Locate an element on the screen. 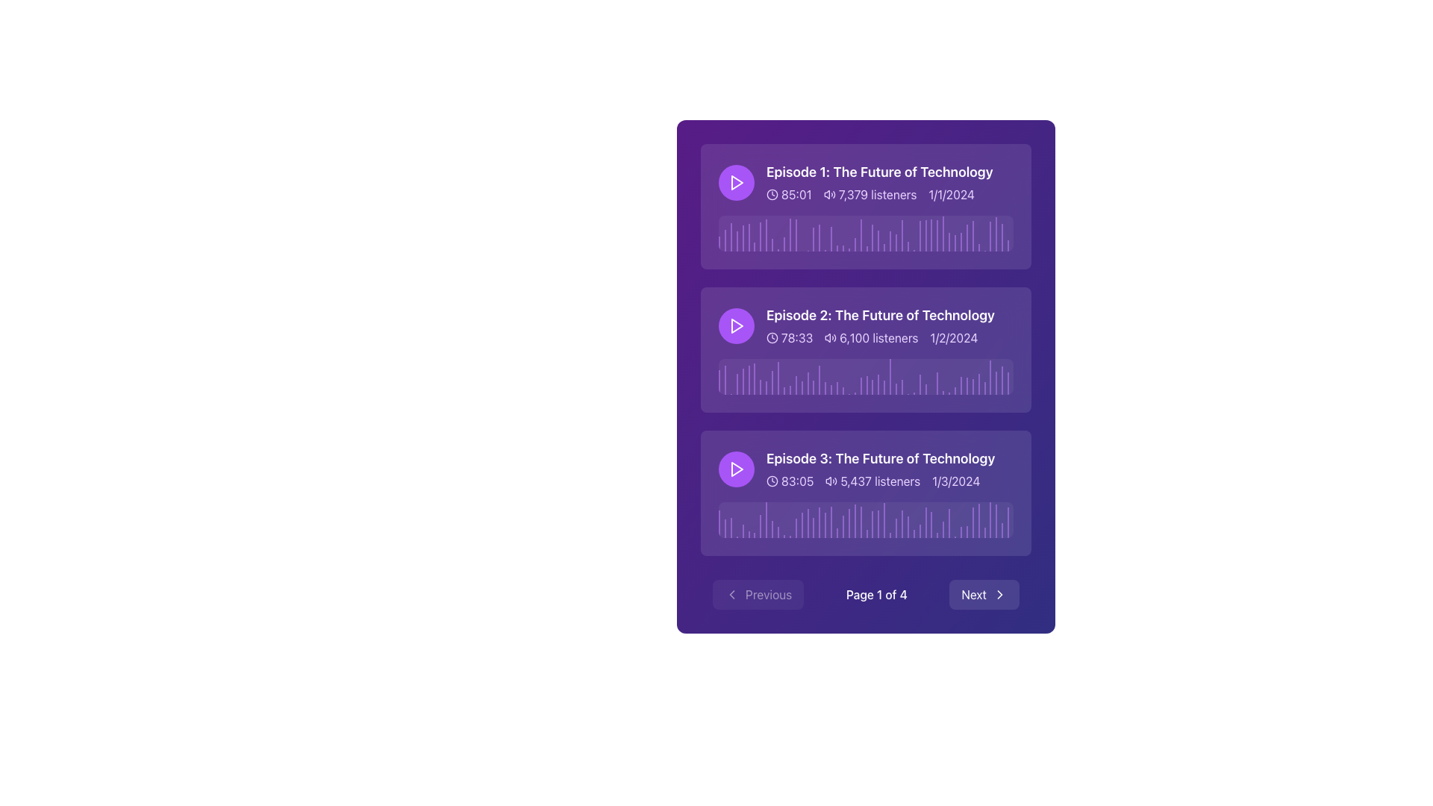 The image size is (1433, 806). the thirteenth vertical line in the waveform display of 'Episode 2: The Future of Technology' in the second card of the visible list is located at coordinates (789, 389).